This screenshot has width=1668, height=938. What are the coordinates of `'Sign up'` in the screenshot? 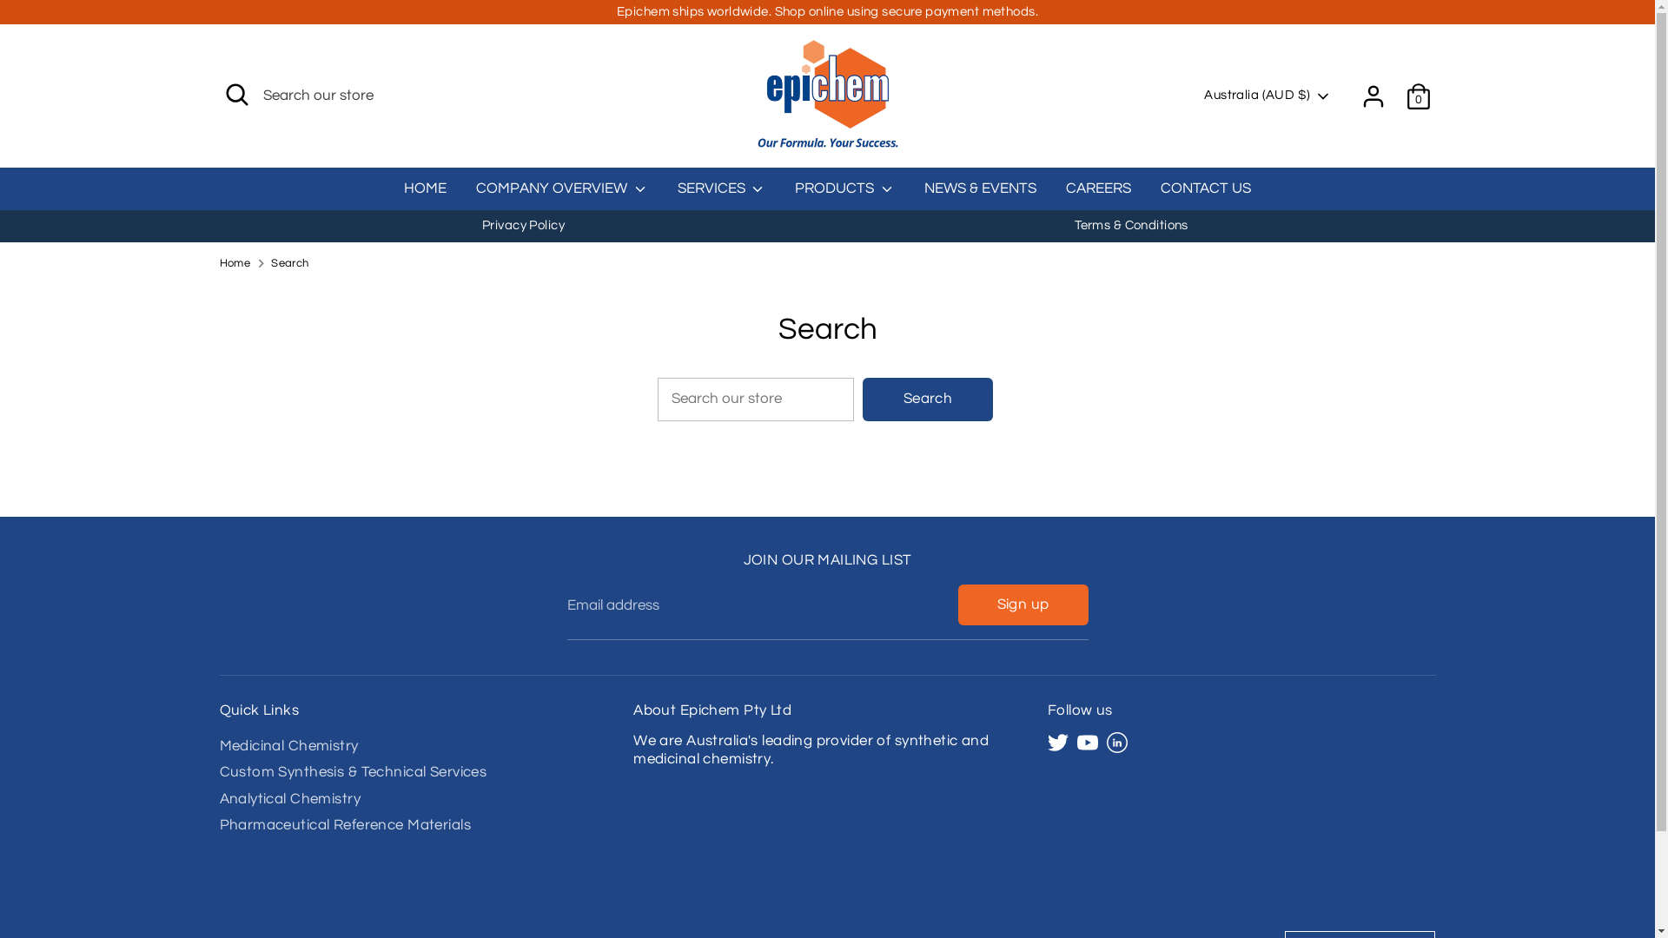 It's located at (1023, 604).